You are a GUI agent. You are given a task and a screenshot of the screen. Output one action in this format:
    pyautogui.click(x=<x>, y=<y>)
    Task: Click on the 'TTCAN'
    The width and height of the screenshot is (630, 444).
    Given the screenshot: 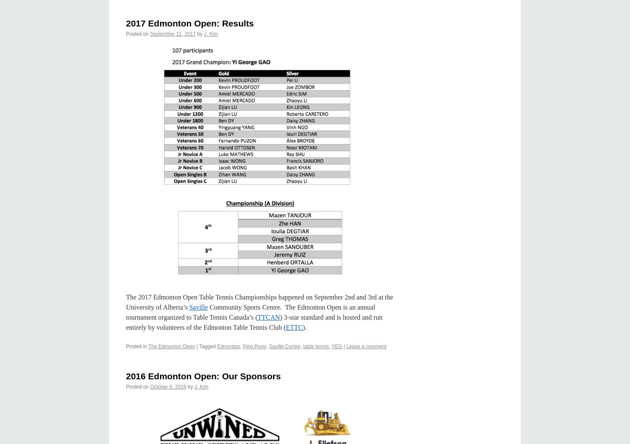 What is the action you would take?
    pyautogui.click(x=268, y=316)
    